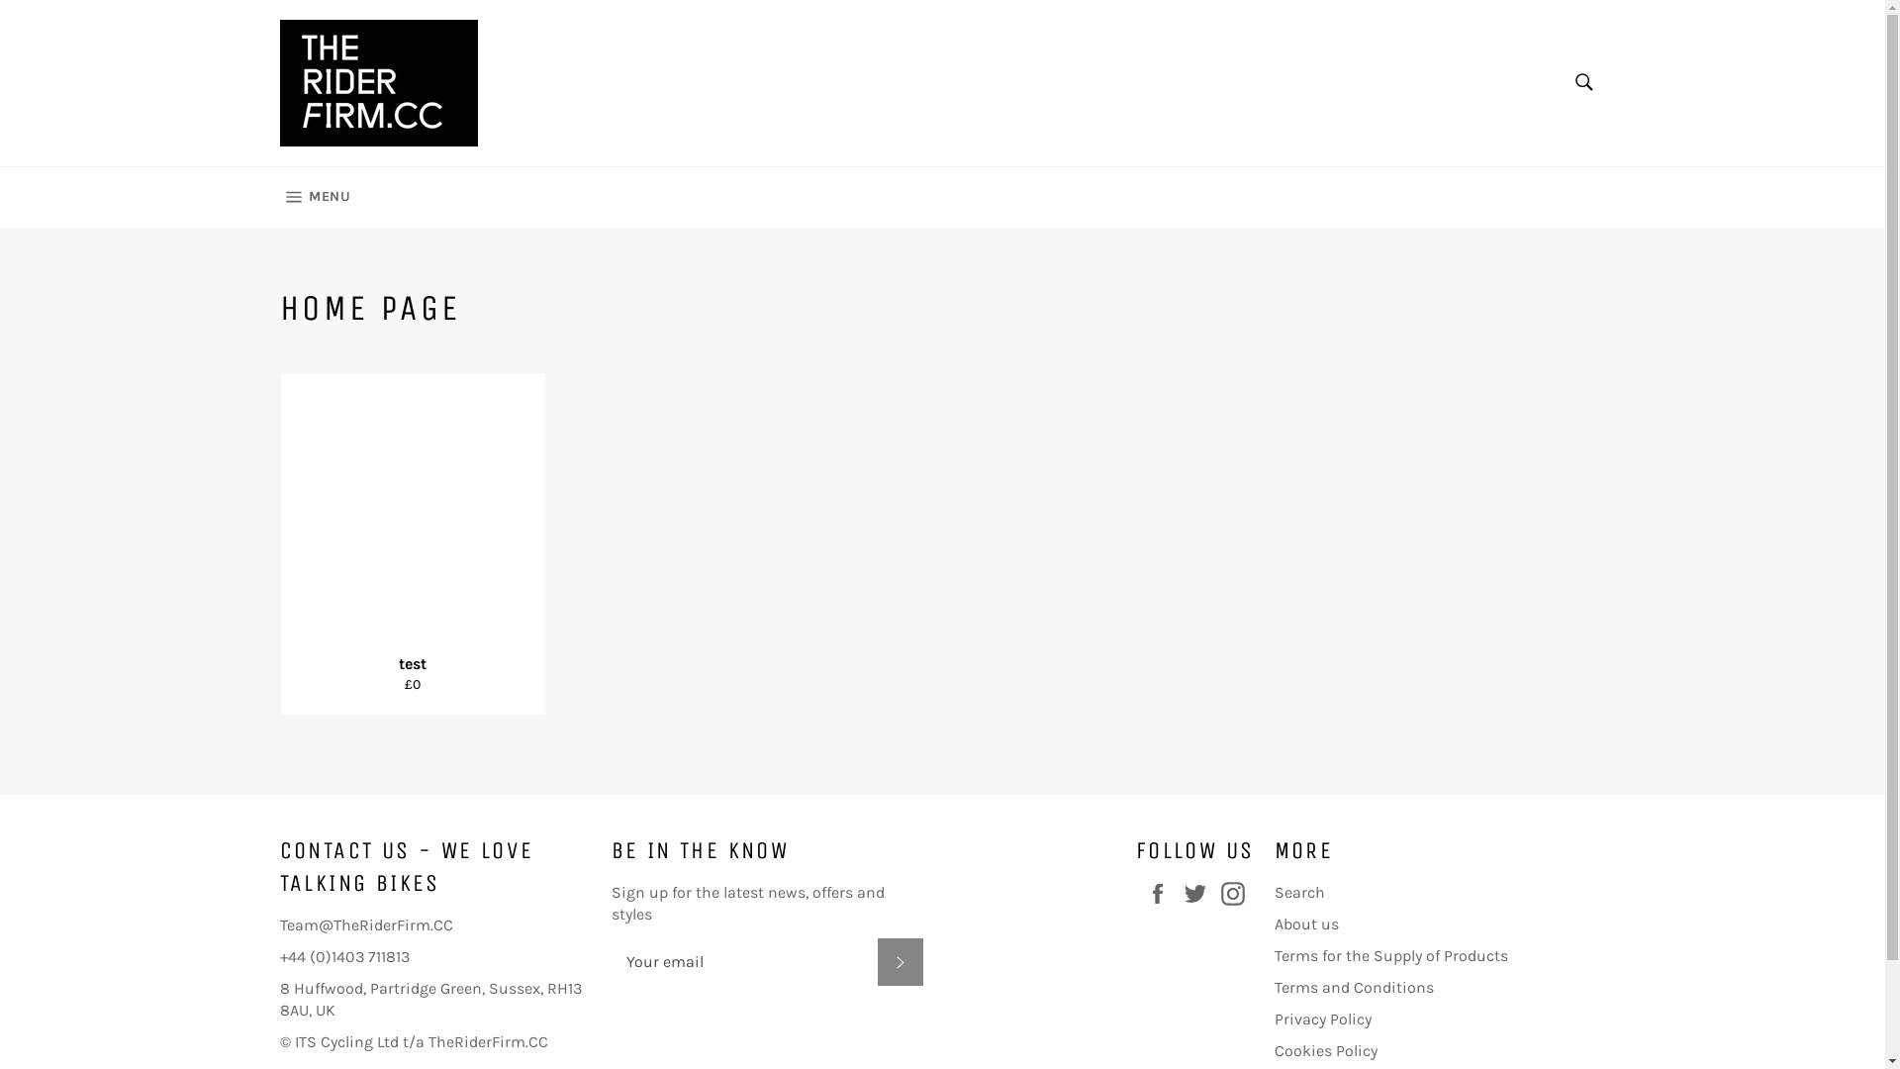 Image resolution: width=1900 pixels, height=1069 pixels. I want to click on 'Twitter', so click(1199, 893).